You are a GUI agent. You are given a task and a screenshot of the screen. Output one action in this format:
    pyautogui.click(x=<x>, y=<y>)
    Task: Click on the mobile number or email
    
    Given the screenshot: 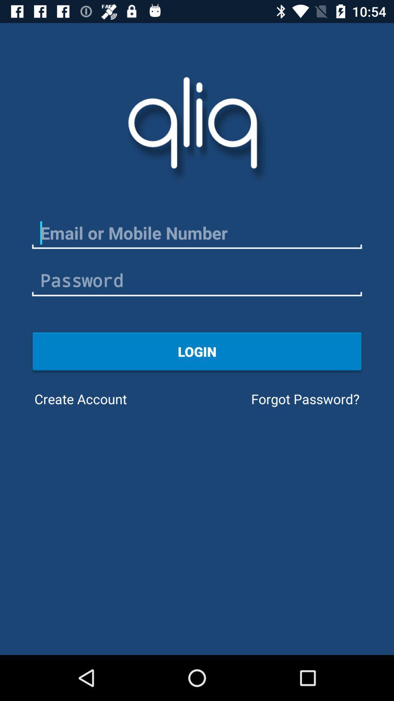 What is the action you would take?
    pyautogui.click(x=197, y=233)
    